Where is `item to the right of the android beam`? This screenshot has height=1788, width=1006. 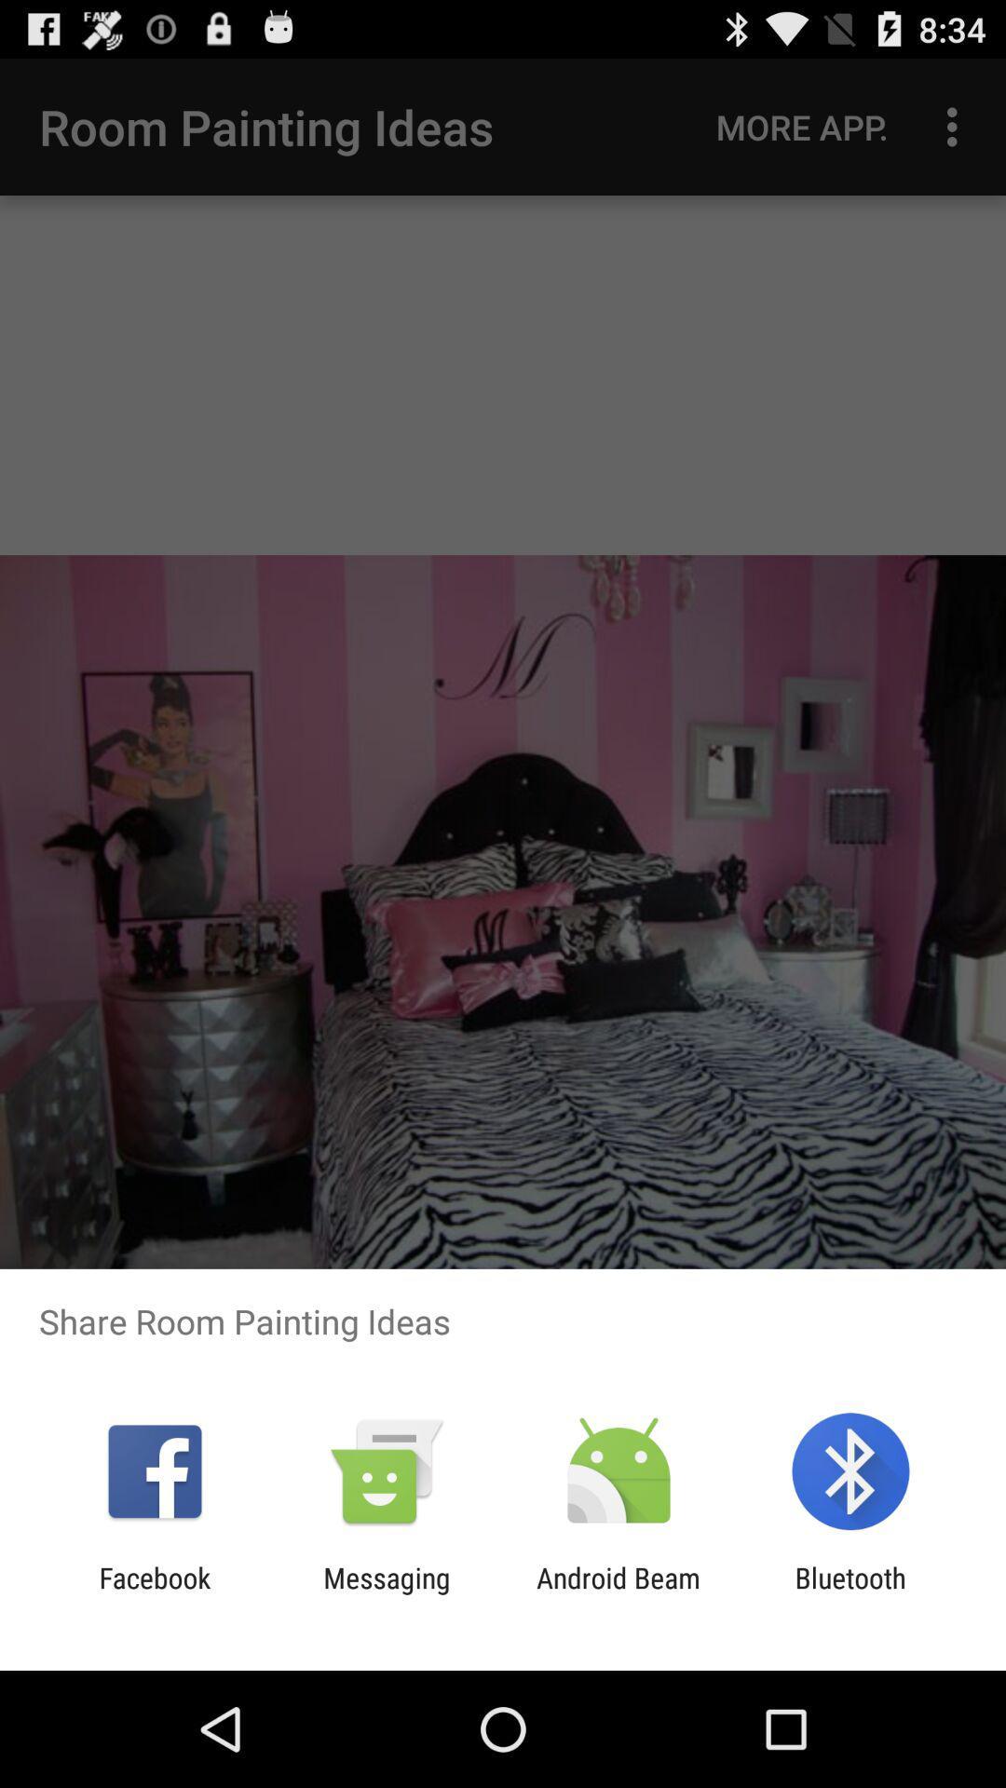
item to the right of the android beam is located at coordinates (850, 1593).